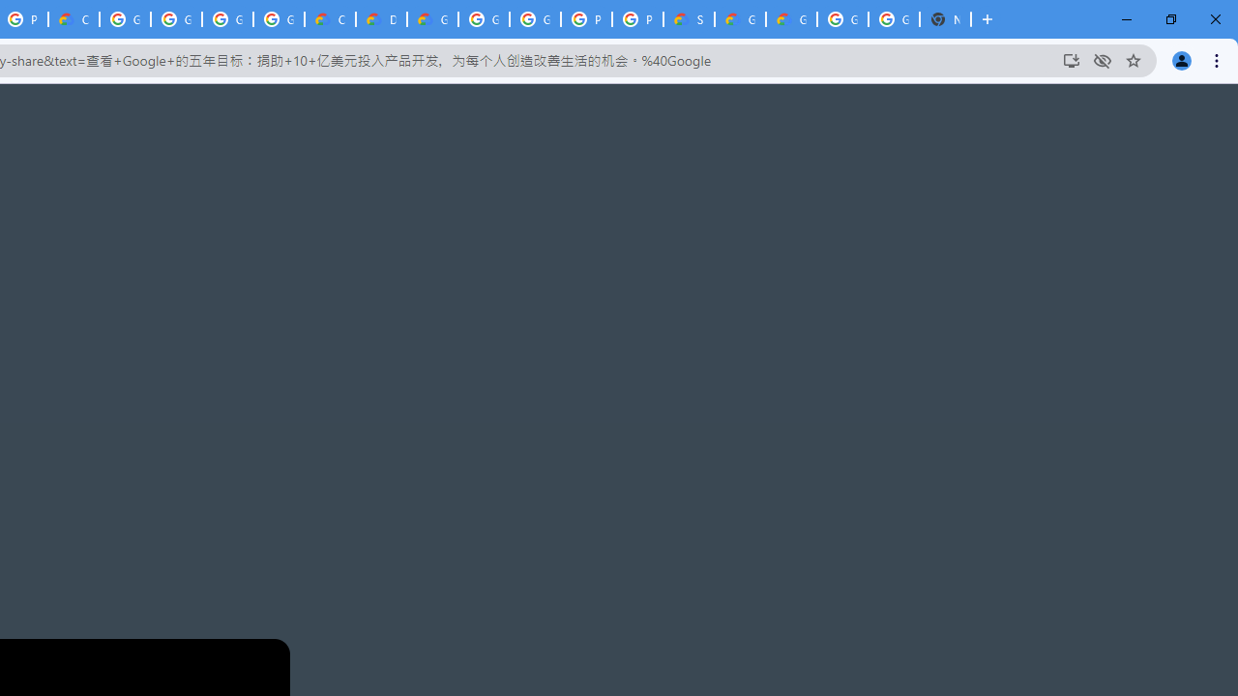  Describe the element at coordinates (484, 19) in the screenshot. I see `'Google Cloud Platform'` at that location.